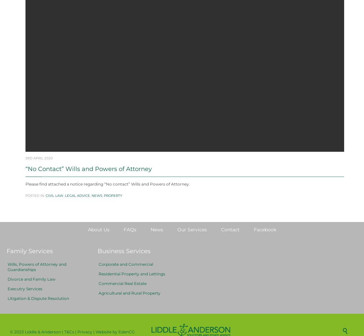  What do you see at coordinates (265, 245) in the screenshot?
I see `'Facebook'` at bounding box center [265, 245].